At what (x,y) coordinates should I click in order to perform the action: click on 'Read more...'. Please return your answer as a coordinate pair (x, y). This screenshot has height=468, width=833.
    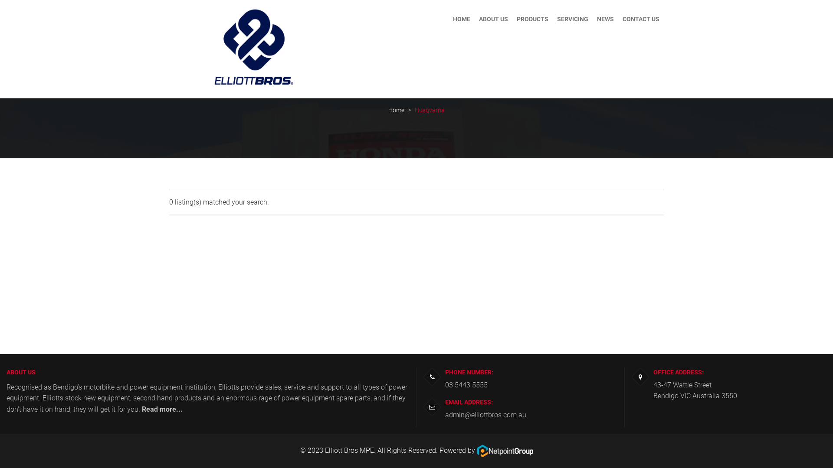
    Looking at the image, I should click on (141, 409).